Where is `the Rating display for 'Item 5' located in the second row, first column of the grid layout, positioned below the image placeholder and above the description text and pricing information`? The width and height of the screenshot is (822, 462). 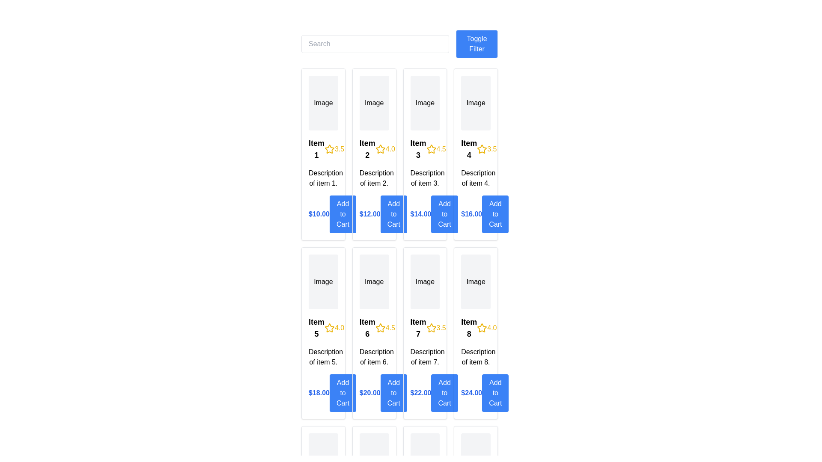
the Rating display for 'Item 5' located in the second row, first column of the grid layout, positioned below the image placeholder and above the description text and pricing information is located at coordinates (323, 328).